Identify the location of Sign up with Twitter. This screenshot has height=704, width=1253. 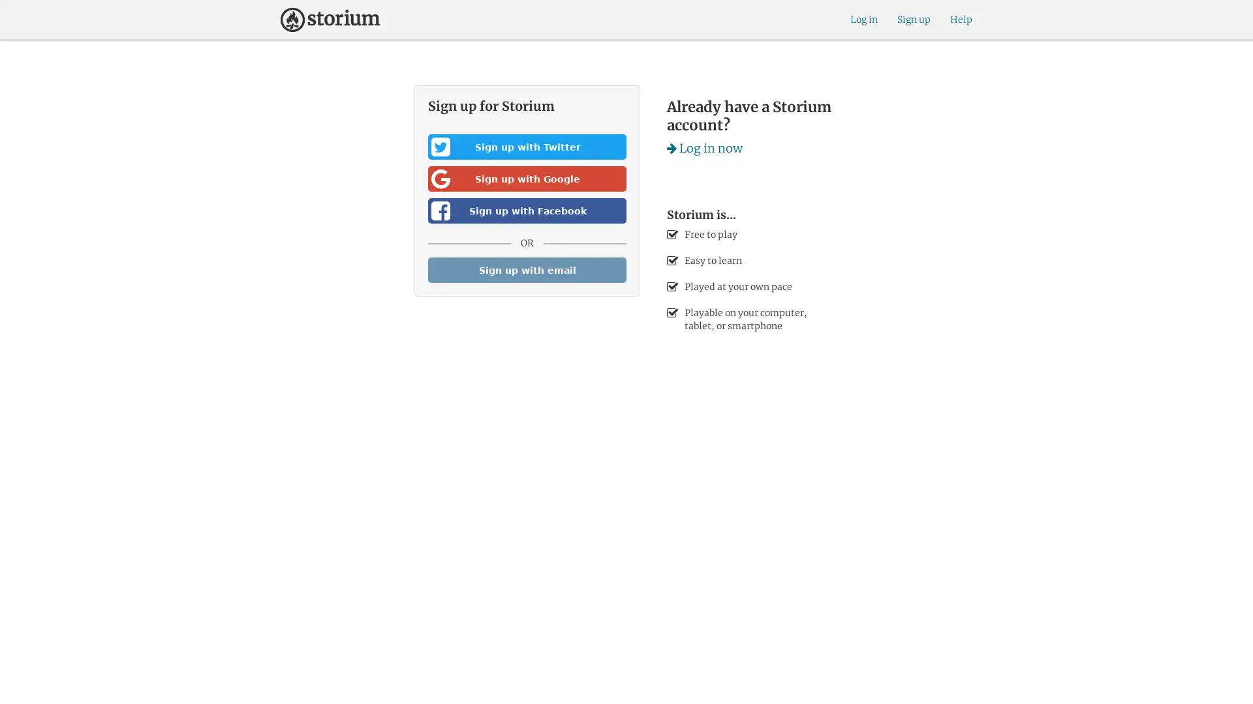
(527, 147).